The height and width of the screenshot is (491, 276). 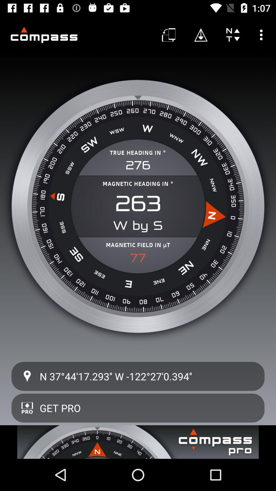 I want to click on 262 icon, so click(x=138, y=203).